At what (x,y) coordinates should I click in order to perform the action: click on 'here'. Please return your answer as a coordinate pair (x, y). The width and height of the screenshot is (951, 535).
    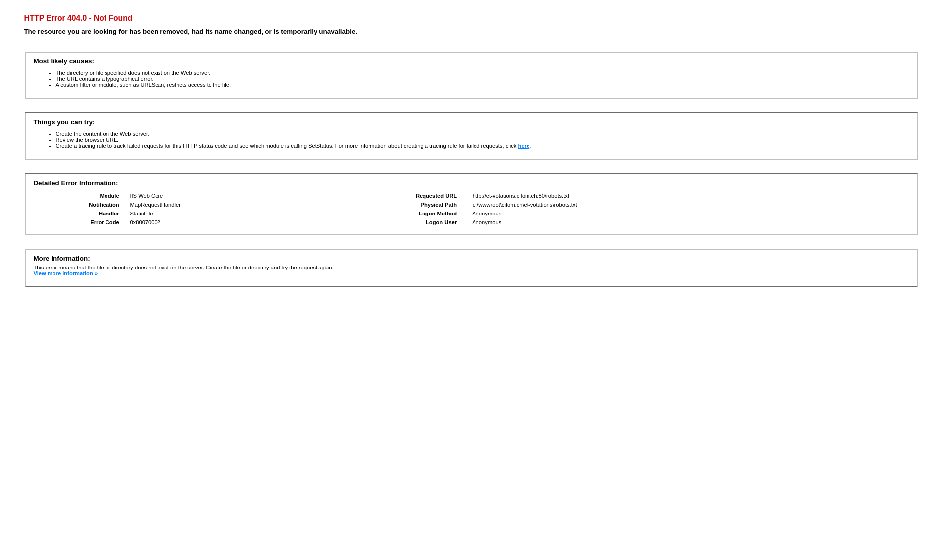
    Looking at the image, I should click on (523, 145).